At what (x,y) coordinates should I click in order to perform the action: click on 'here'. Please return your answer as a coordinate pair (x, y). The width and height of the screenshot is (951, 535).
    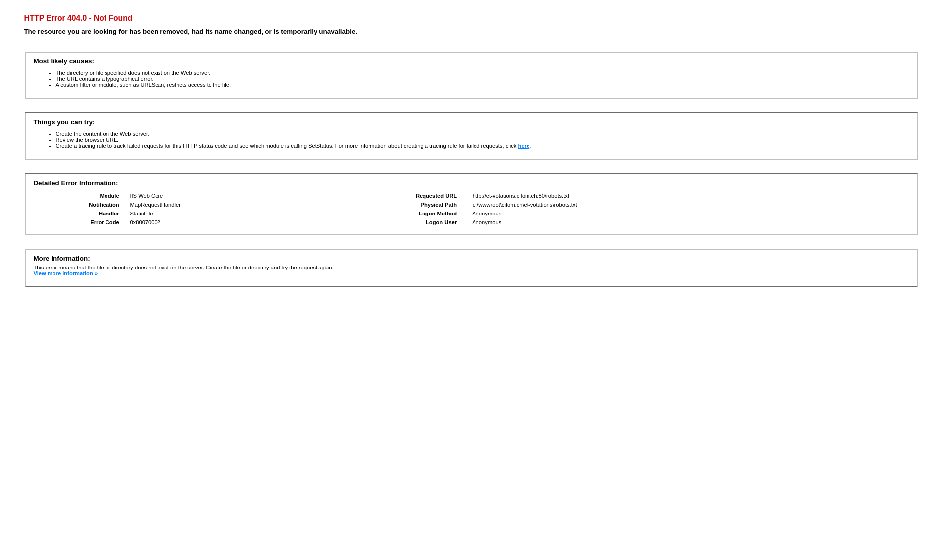
    Looking at the image, I should click on (523, 145).